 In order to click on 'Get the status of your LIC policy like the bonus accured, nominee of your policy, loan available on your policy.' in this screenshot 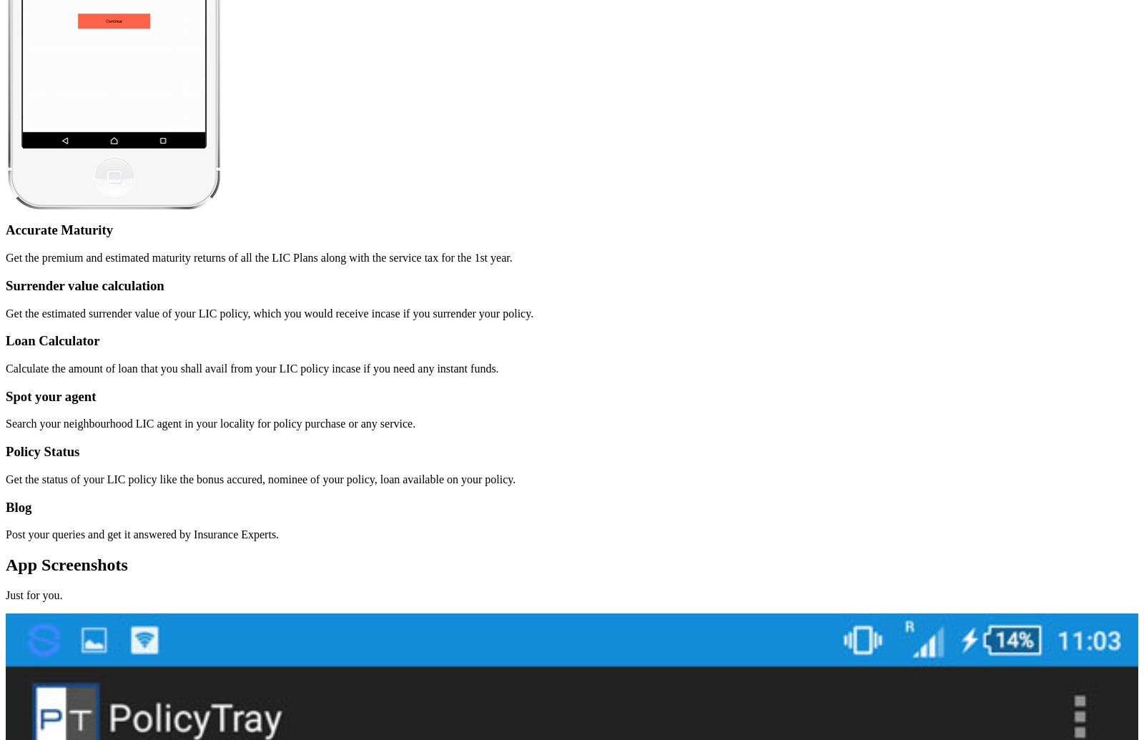, I will do `click(260, 478)`.